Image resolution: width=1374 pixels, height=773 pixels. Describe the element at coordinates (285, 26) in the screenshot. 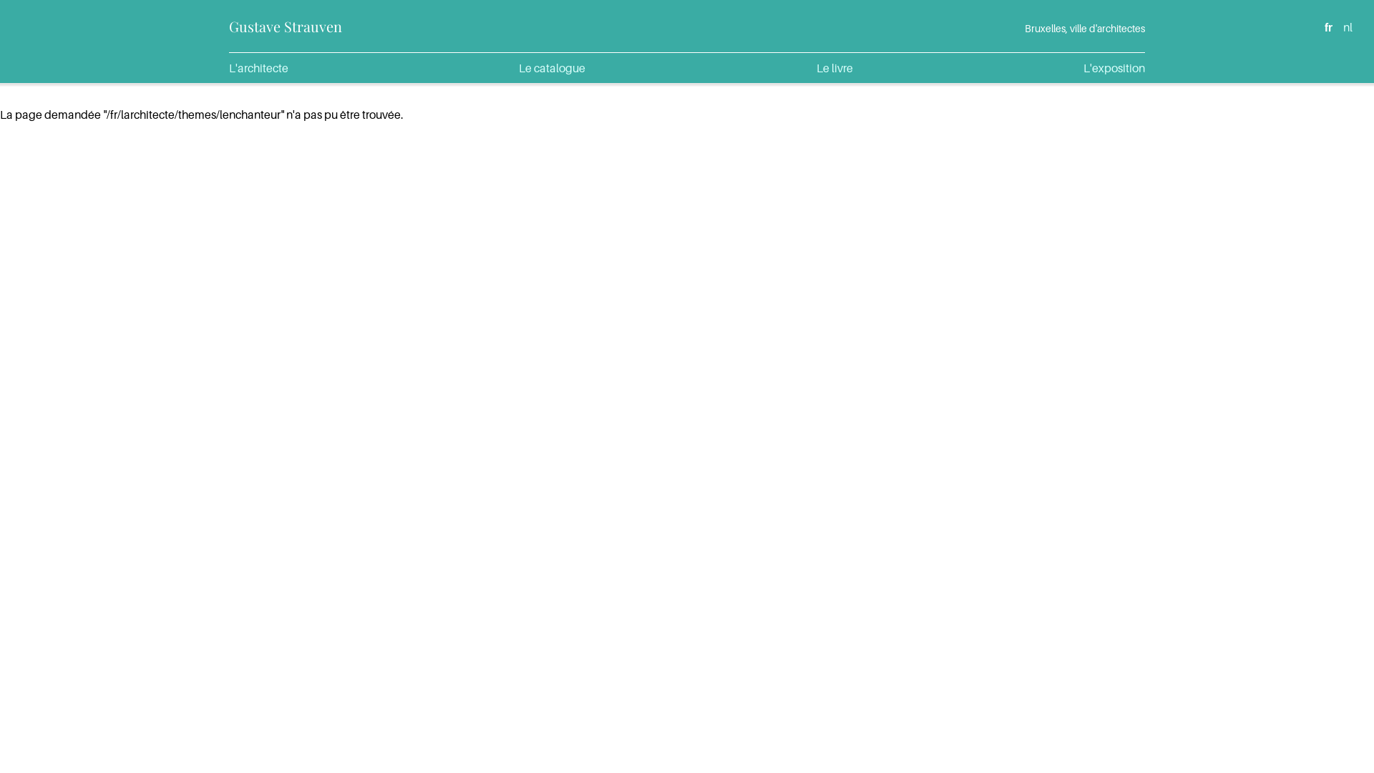

I see `'Gustave Strauven'` at that location.